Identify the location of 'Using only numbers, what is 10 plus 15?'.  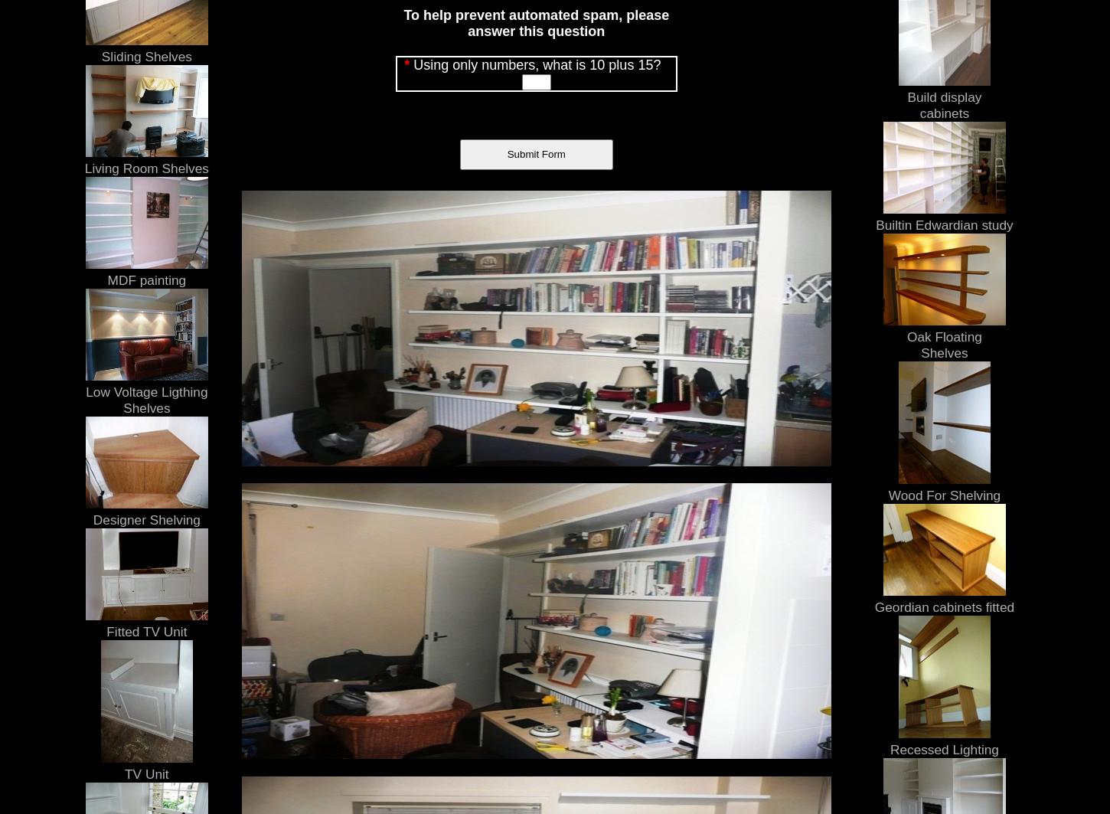
(540, 64).